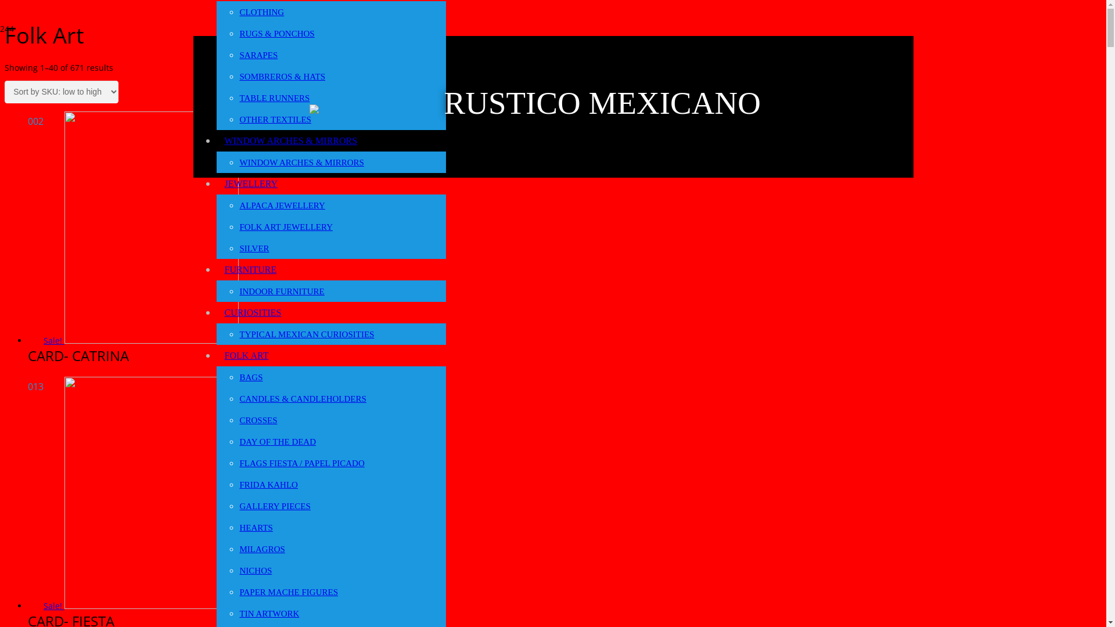 The width and height of the screenshot is (1115, 627). What do you see at coordinates (301, 463) in the screenshot?
I see `'FLAGS FIESTA / PAPEL PICADO'` at bounding box center [301, 463].